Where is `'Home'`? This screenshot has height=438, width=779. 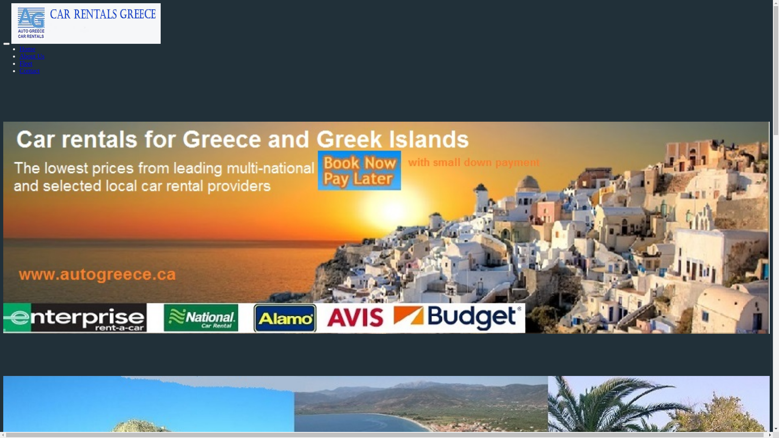 'Home' is located at coordinates (19, 49).